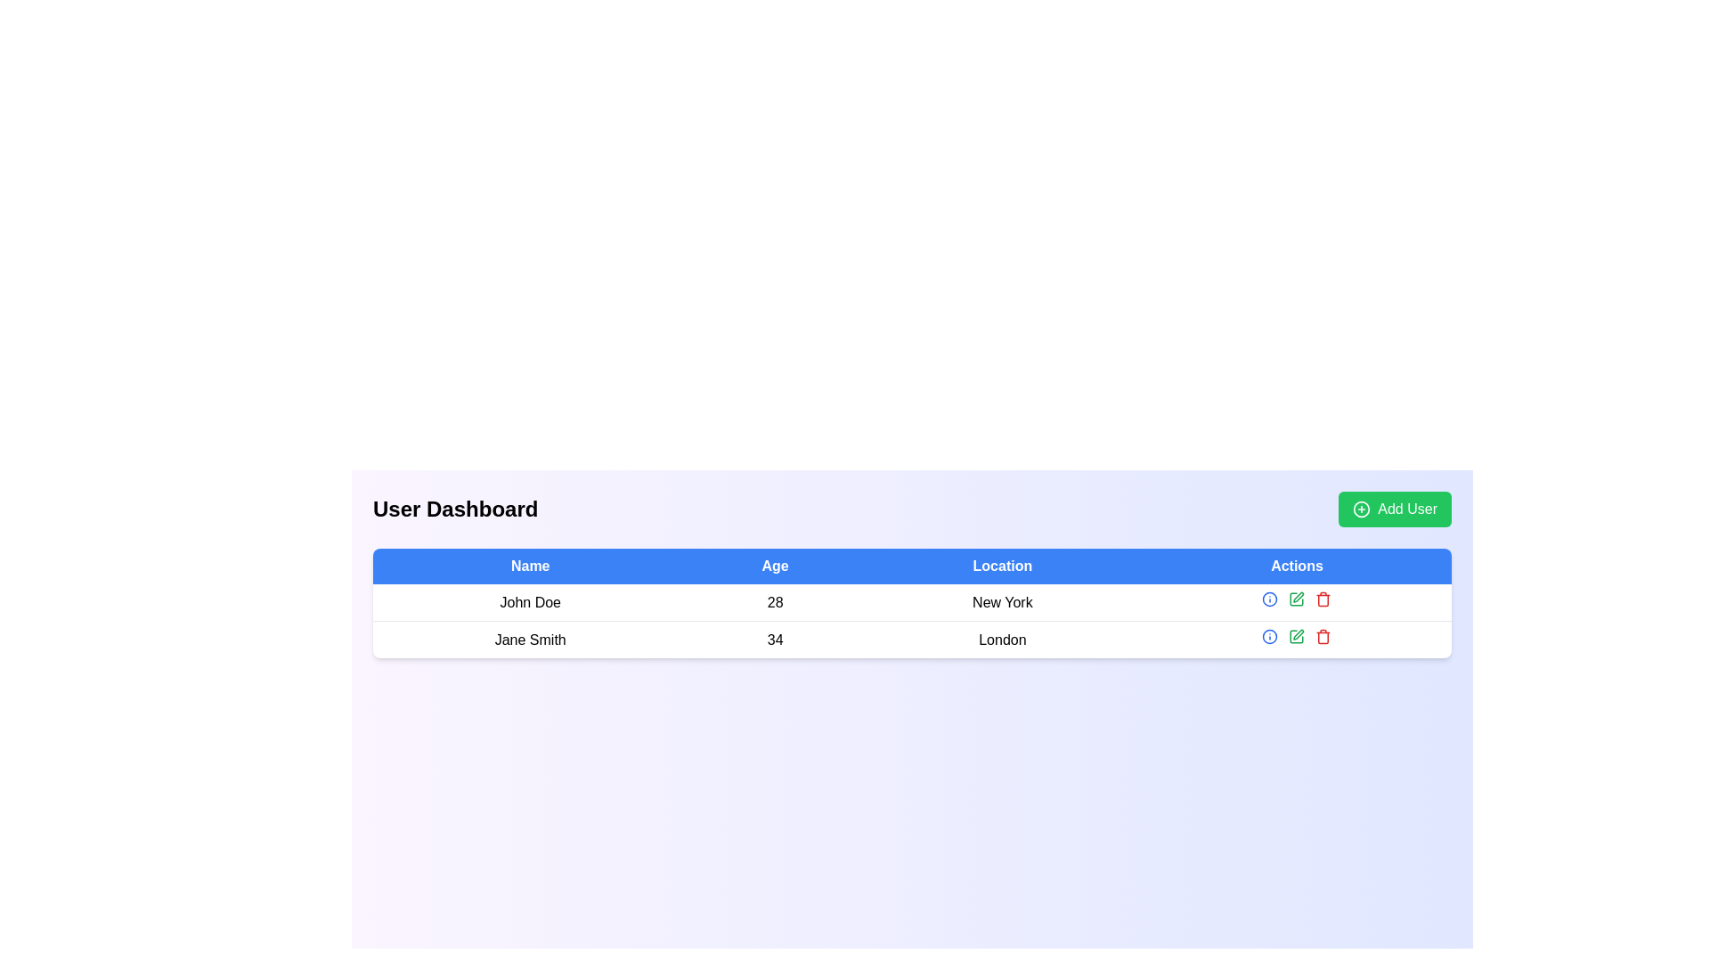 This screenshot has width=1710, height=962. I want to click on the circular background of the info icon in the 'Actions' column for 'John Doe', so click(1269, 635).